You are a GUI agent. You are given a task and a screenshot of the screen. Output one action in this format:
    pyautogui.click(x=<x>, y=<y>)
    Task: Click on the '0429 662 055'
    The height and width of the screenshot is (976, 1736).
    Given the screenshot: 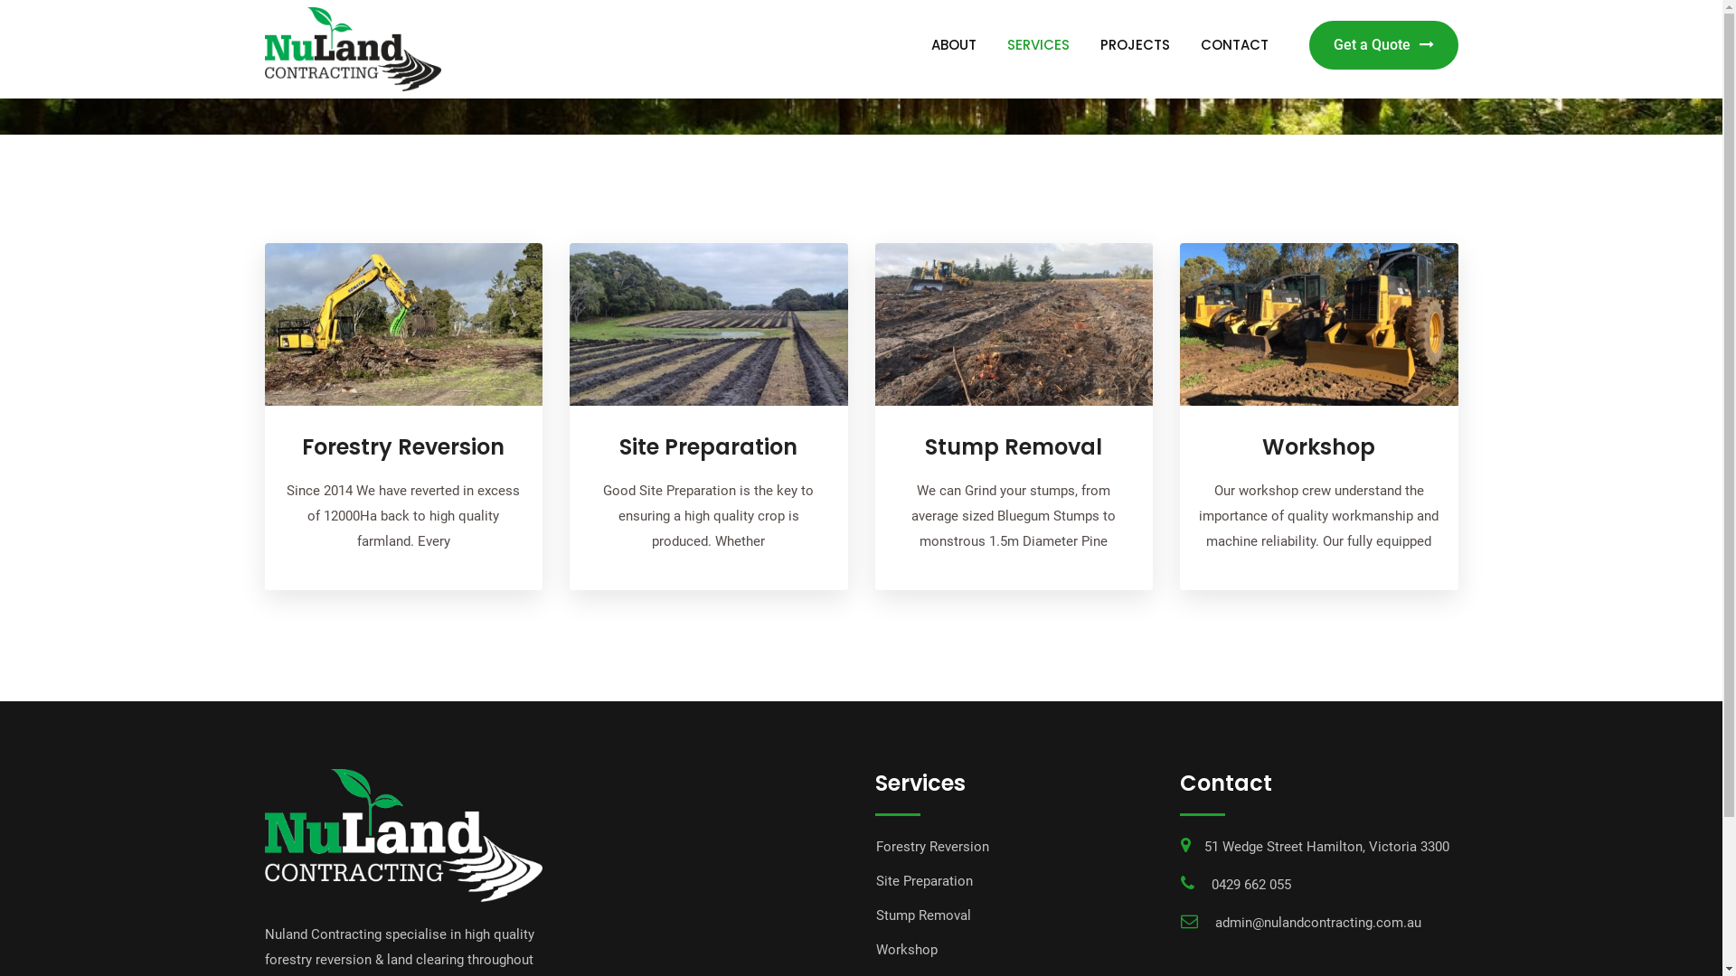 What is the action you would take?
    pyautogui.click(x=1250, y=884)
    